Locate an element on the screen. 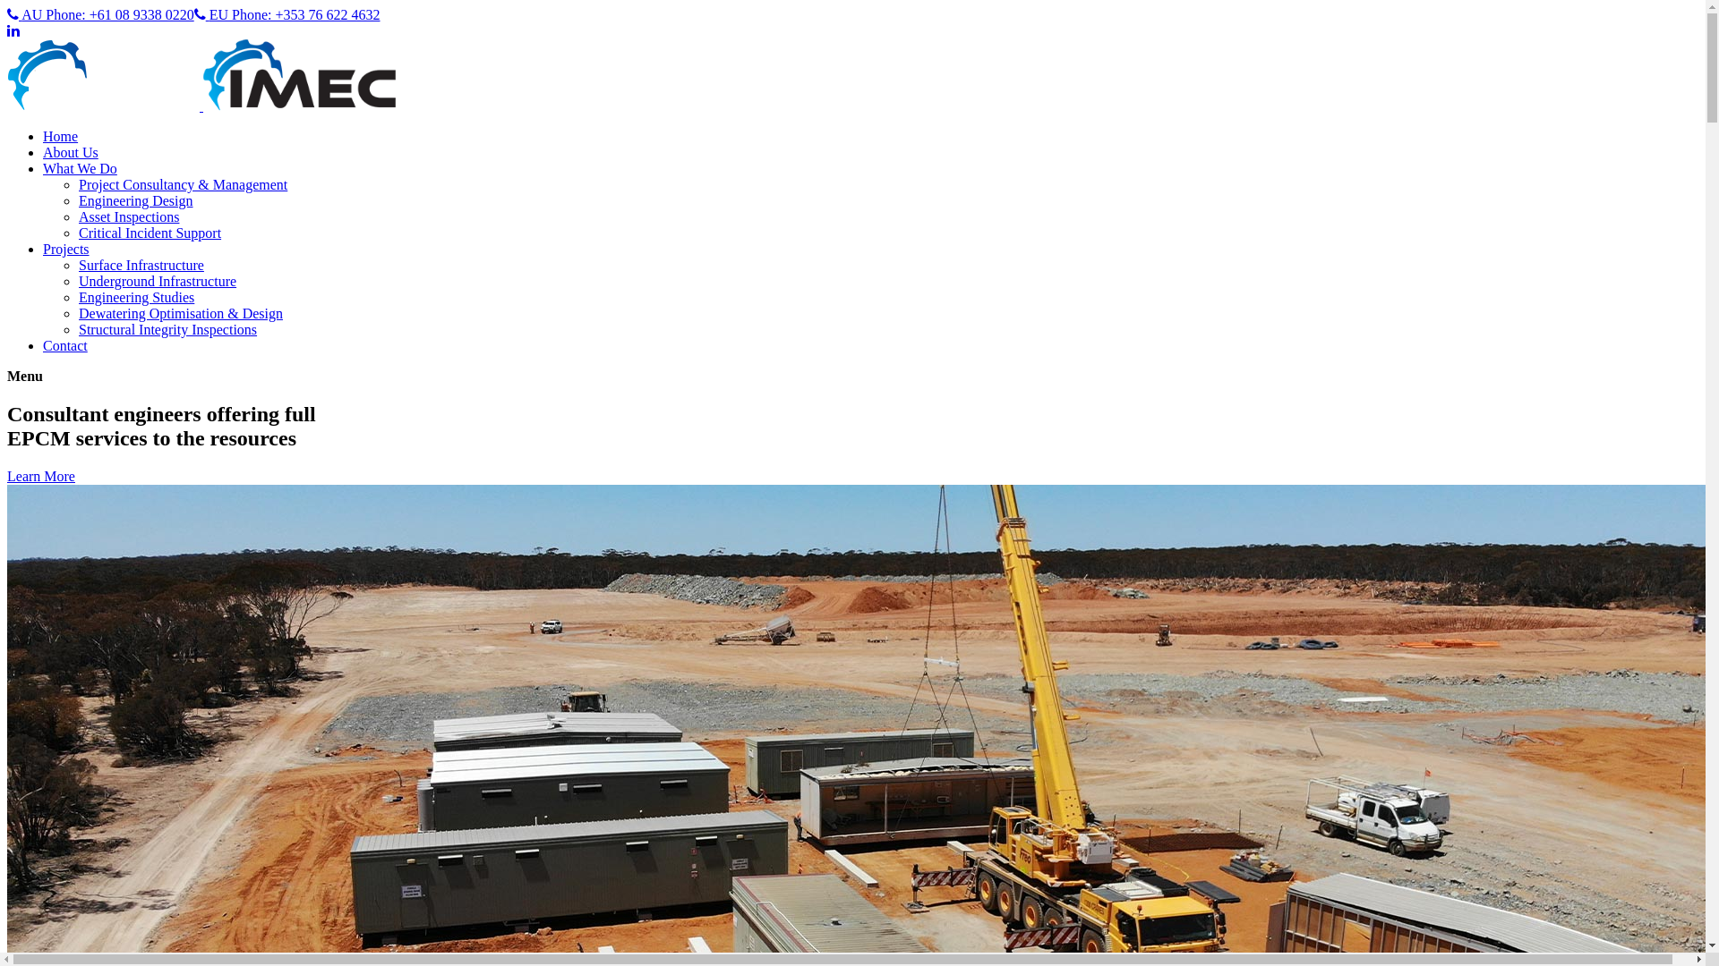 Image resolution: width=1719 pixels, height=966 pixels. 'About Us' is located at coordinates (70, 151).